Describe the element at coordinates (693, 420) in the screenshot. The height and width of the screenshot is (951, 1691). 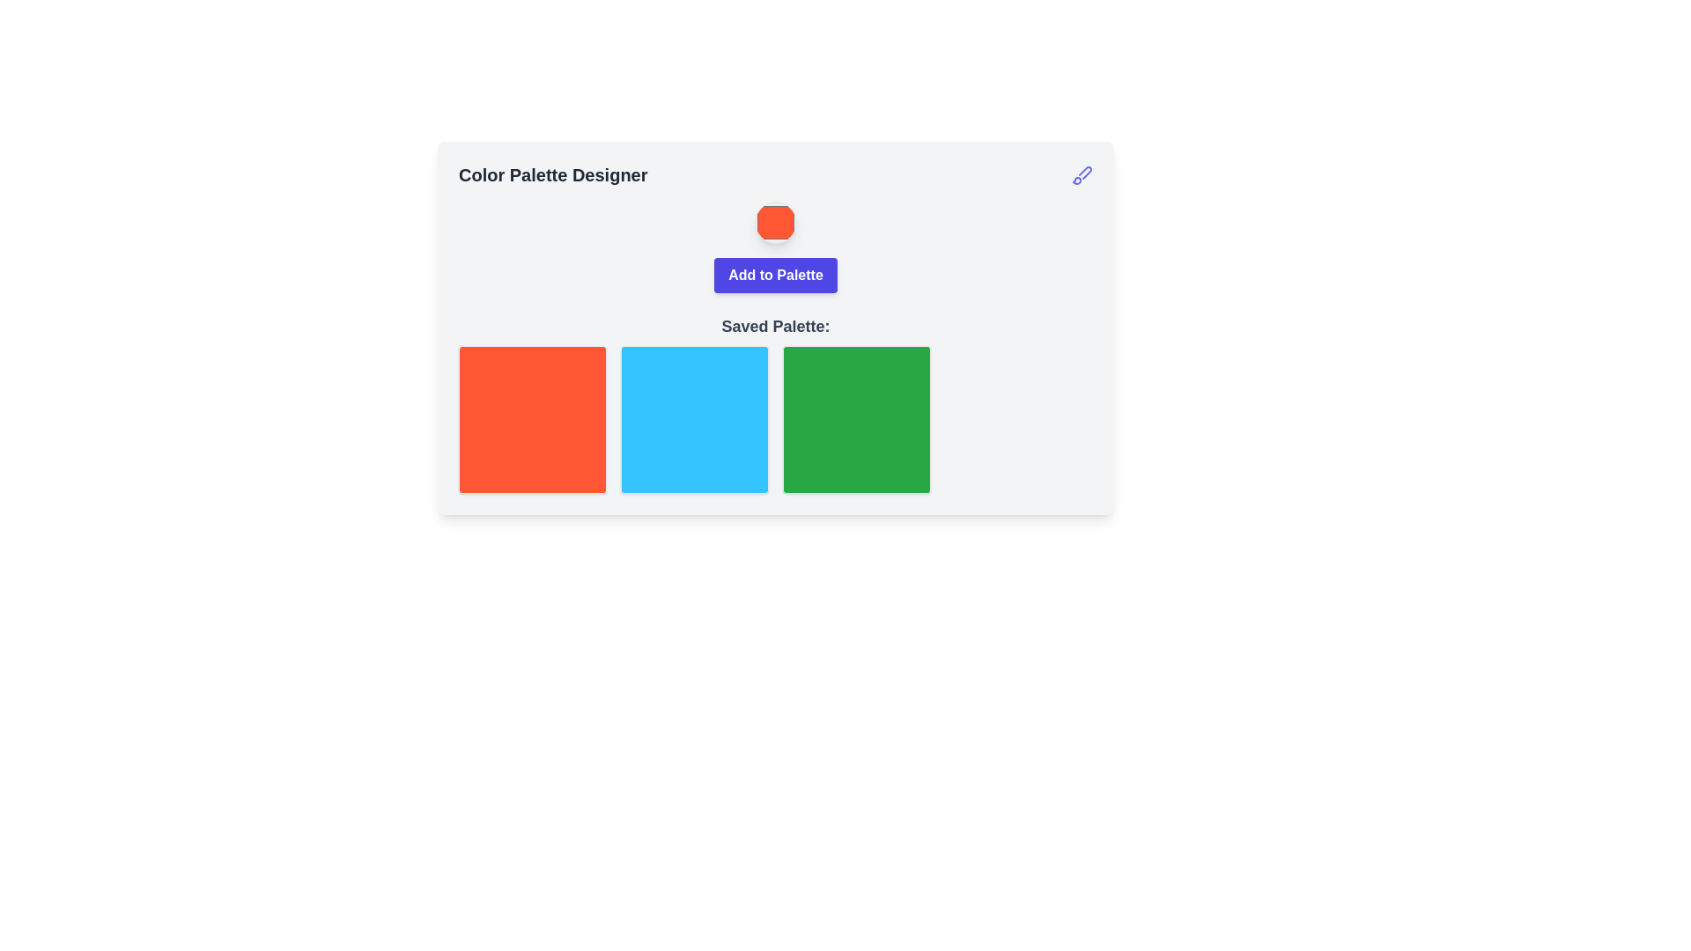
I see `the second color tile in the 'Saved Palette' section, which is visually represented as a color display box and is non-interactive` at that location.